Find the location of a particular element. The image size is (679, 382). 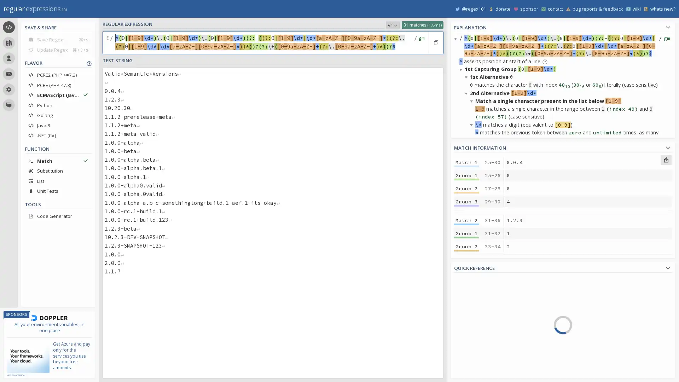

All Tokens is located at coordinates (487, 293).